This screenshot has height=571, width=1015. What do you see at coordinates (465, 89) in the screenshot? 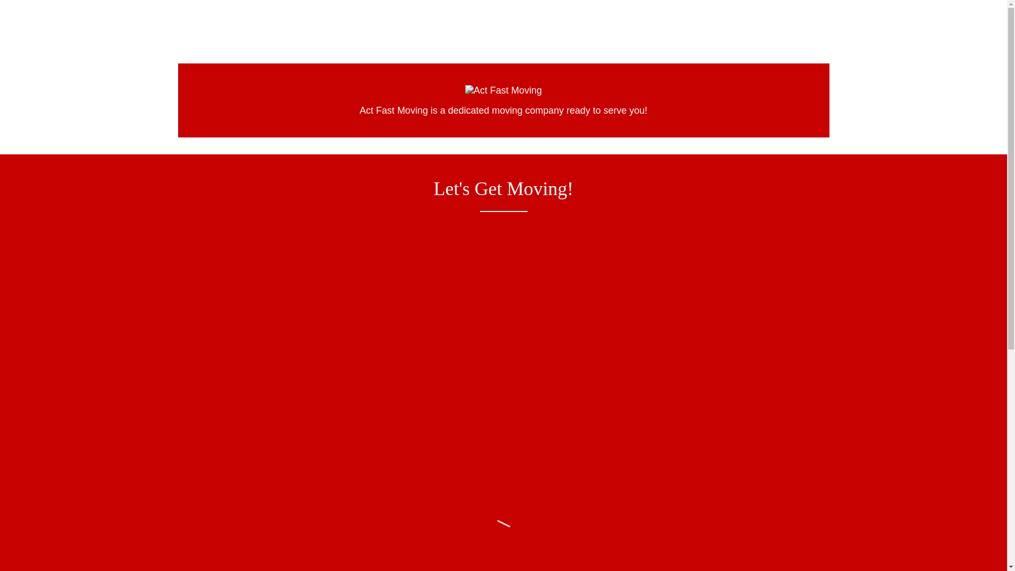
I see `'Act Fast Moving'` at bounding box center [465, 89].